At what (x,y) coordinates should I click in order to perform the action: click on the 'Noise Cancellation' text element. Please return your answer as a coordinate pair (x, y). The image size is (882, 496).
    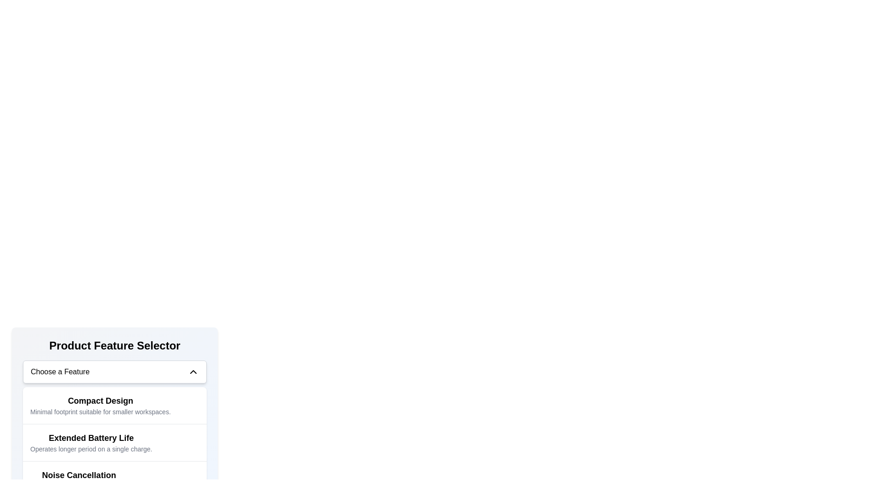
    Looking at the image, I should click on (79, 479).